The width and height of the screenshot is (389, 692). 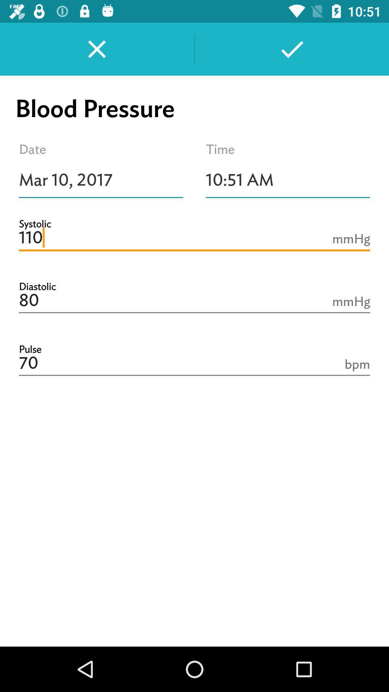 What do you see at coordinates (194, 238) in the screenshot?
I see `the icon below mar 10, 2017` at bounding box center [194, 238].